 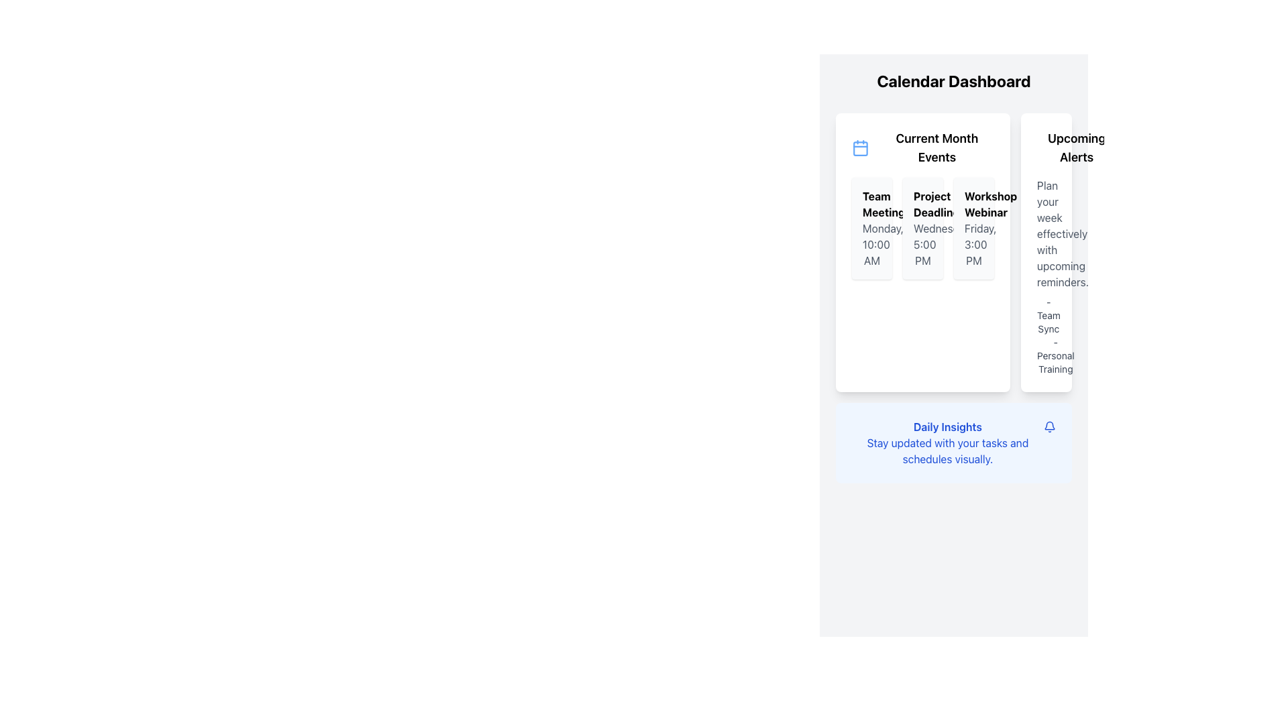 I want to click on the text label displaying 'Monday, 10:00 AM' located beneath the 'Team Meeting' title in the 'Current Month Events' section of the calendar dashboard, so click(x=872, y=245).